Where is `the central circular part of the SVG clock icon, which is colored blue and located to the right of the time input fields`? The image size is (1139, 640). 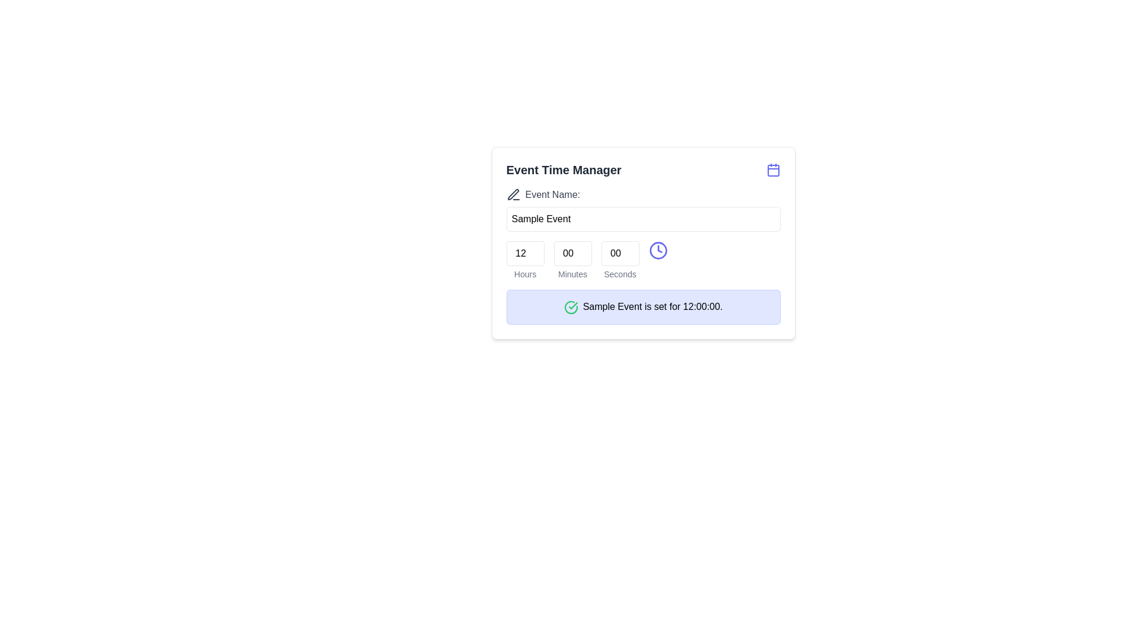
the central circular part of the SVG clock icon, which is colored blue and located to the right of the time input fields is located at coordinates (657, 250).